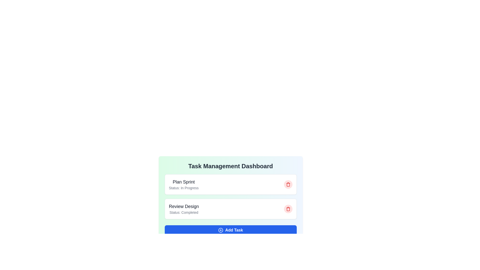 Image resolution: width=480 pixels, height=270 pixels. Describe the element at coordinates (230, 230) in the screenshot. I see `the 'Add Task' button to add a new task` at that location.